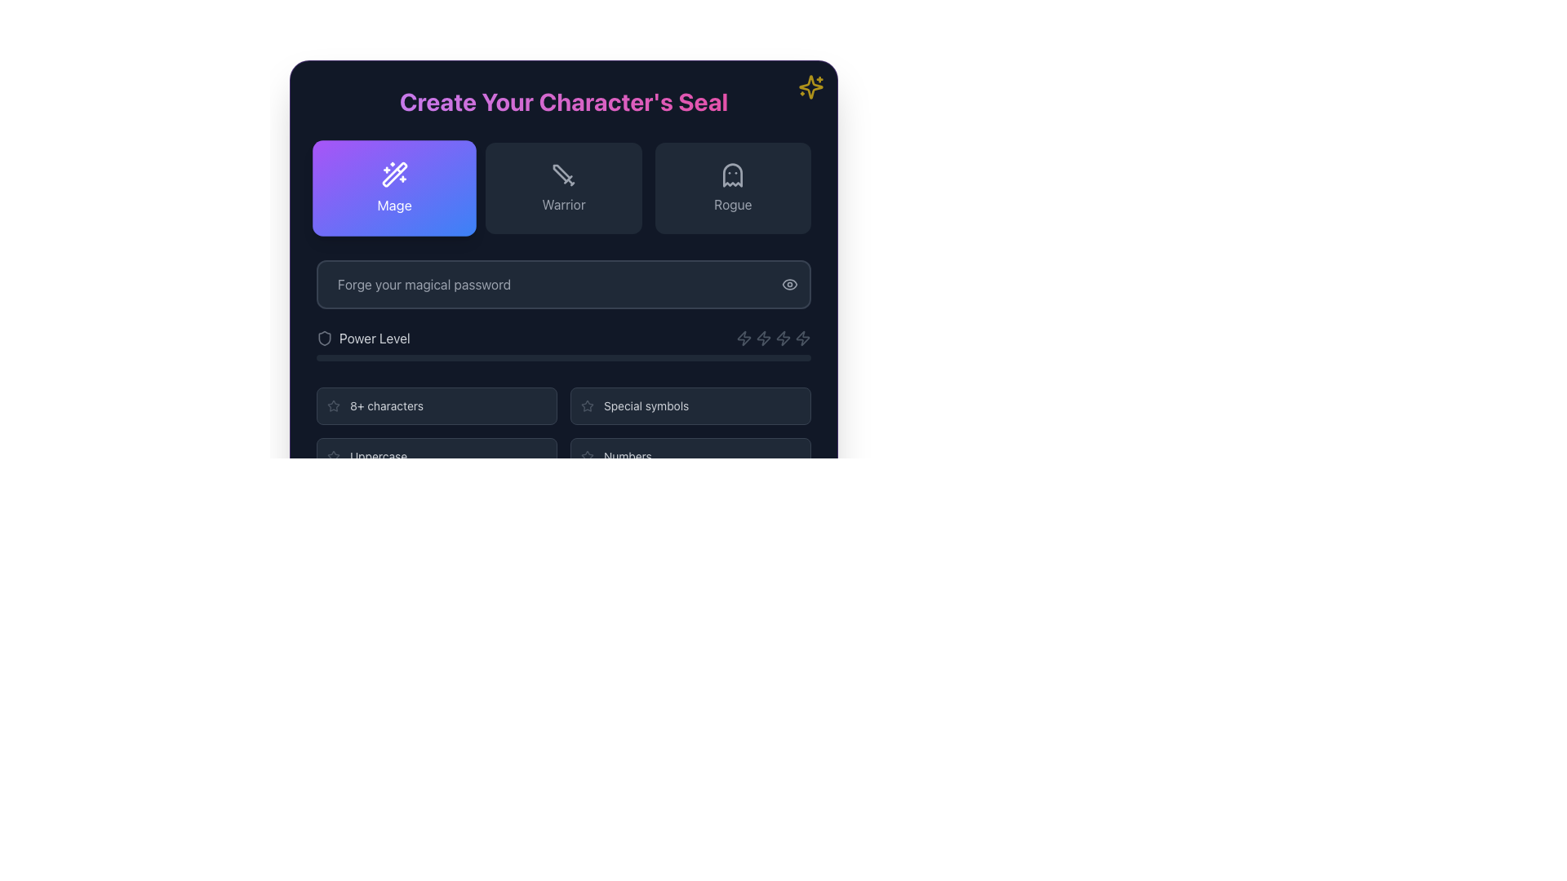  What do you see at coordinates (394, 175) in the screenshot?
I see `the 'Mage' selection option icon, which is centrally positioned within the leftmost button of the interface that includes options for 'Mage', 'Warrior', and 'Rogue'` at bounding box center [394, 175].